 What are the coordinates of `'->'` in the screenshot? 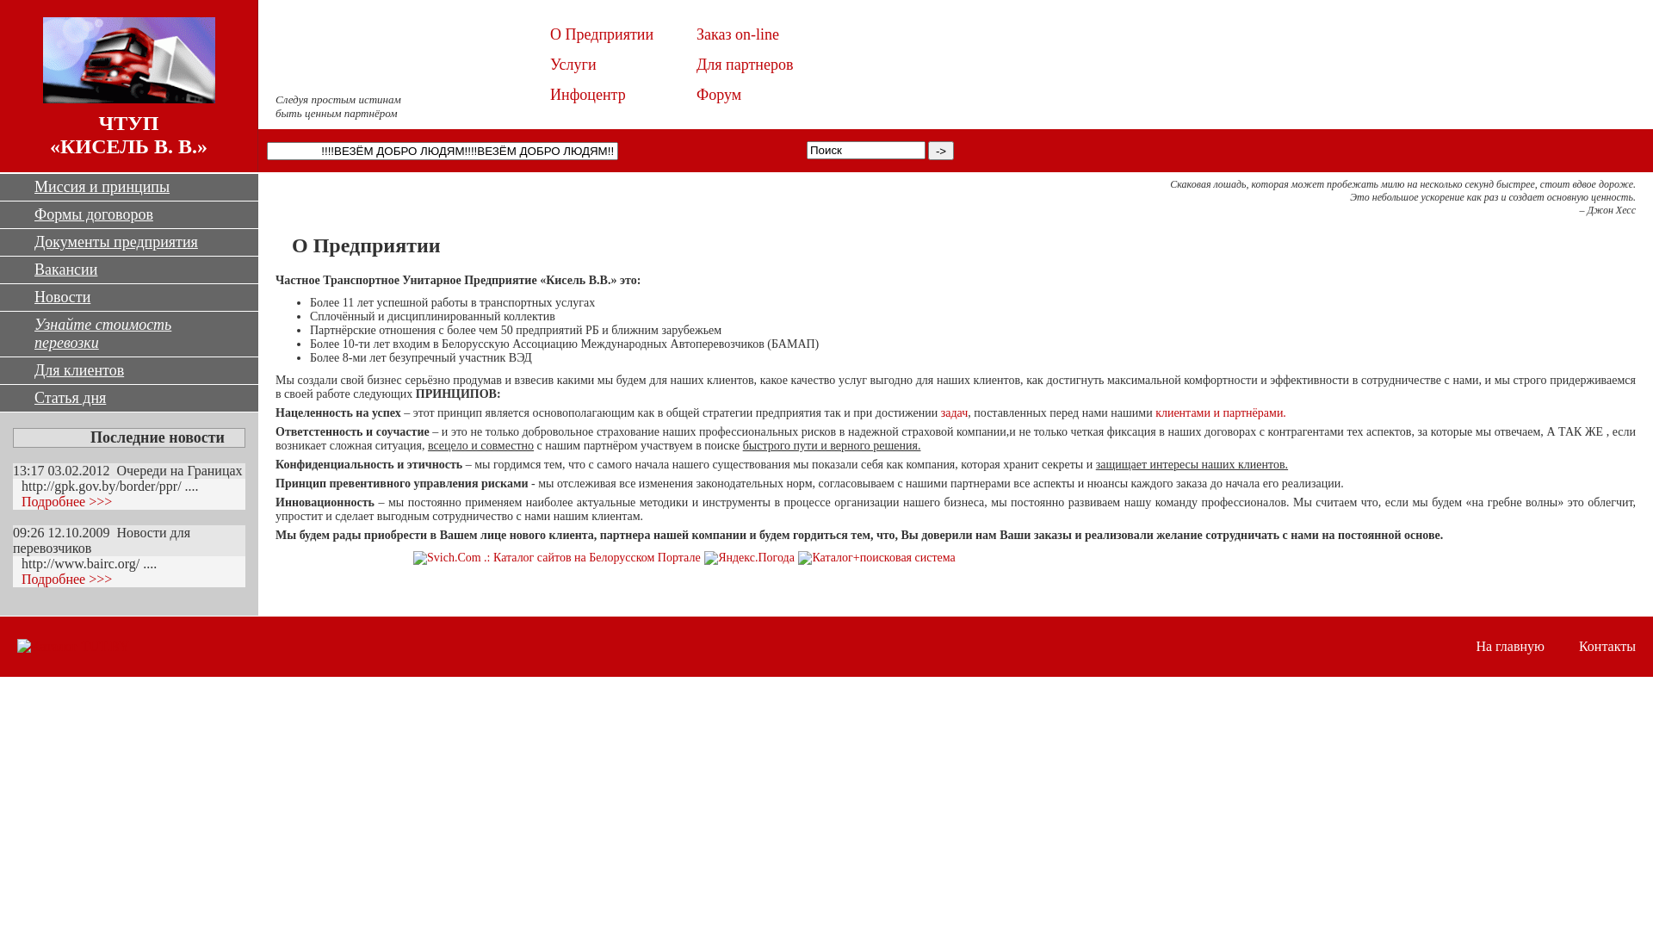 It's located at (940, 149).